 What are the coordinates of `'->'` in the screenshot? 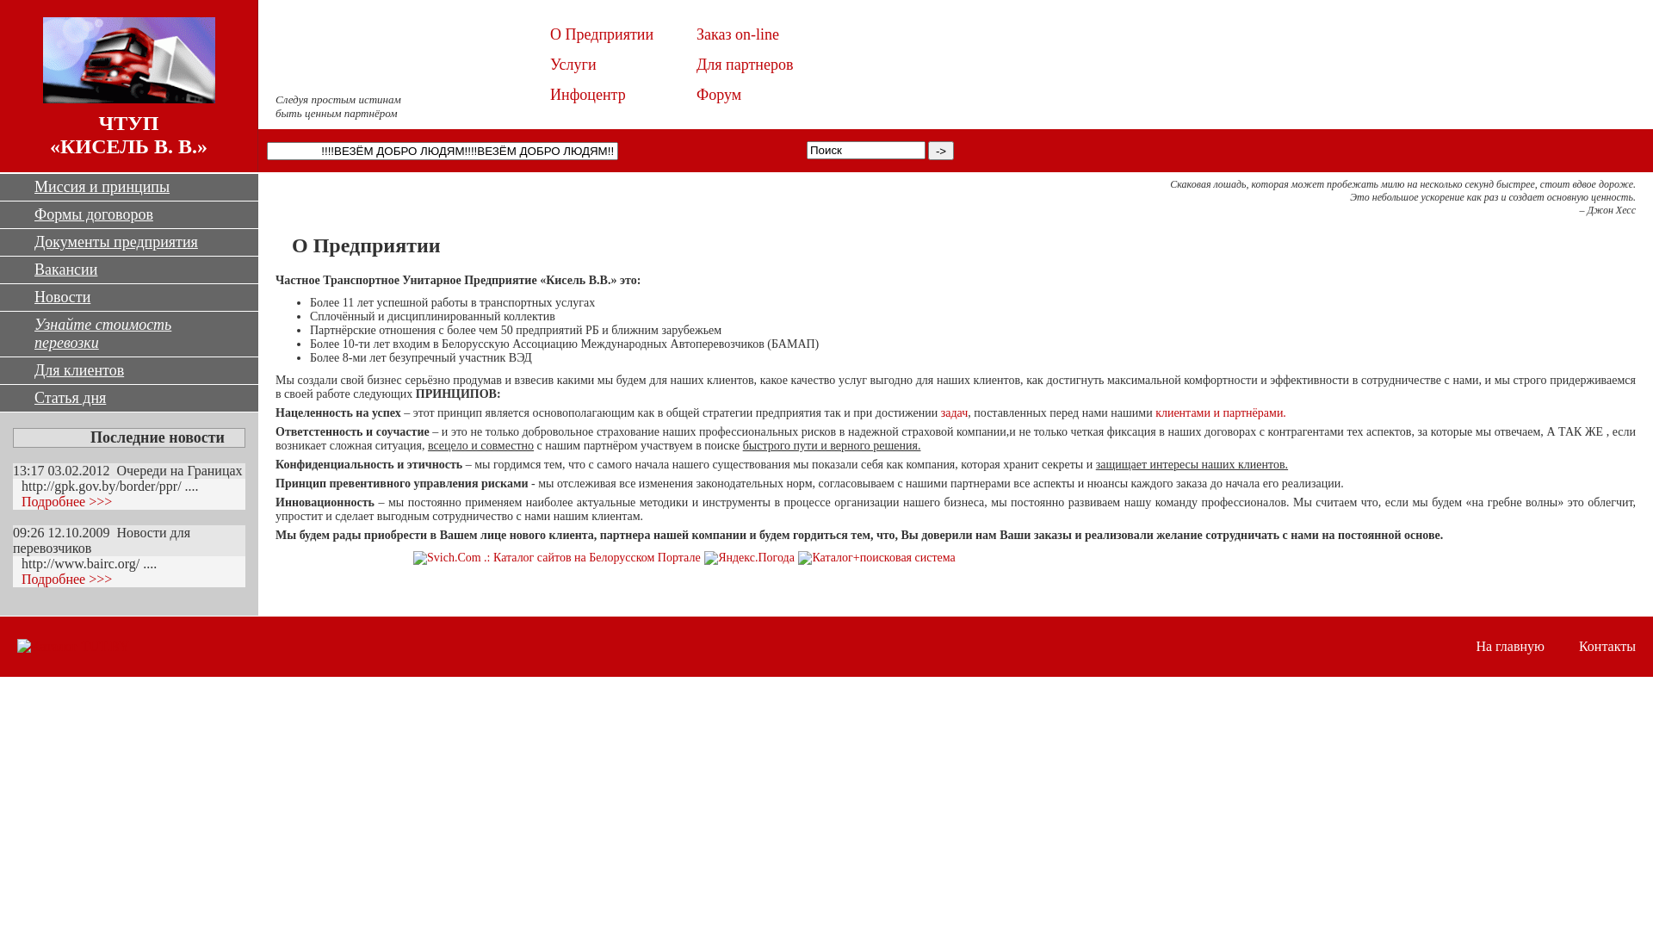 It's located at (940, 149).